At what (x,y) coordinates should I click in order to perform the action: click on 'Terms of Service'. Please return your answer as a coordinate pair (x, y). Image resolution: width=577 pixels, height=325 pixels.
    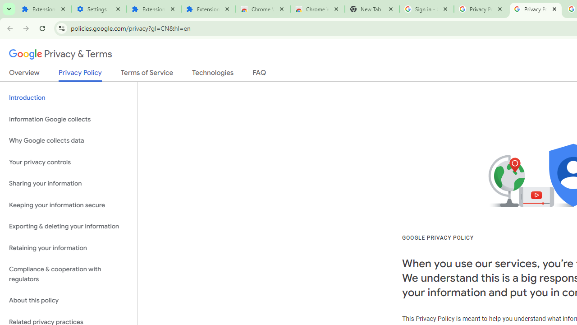
    Looking at the image, I should click on (147, 74).